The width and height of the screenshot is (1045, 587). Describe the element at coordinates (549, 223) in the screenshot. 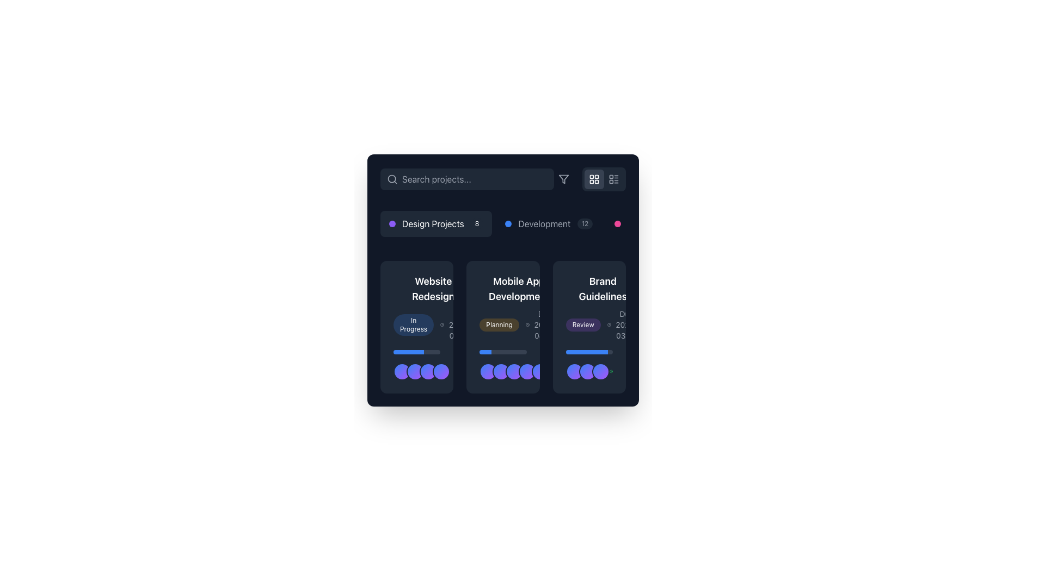

I see `the 'Development' selectable button in the horizontal navigation bar` at that location.